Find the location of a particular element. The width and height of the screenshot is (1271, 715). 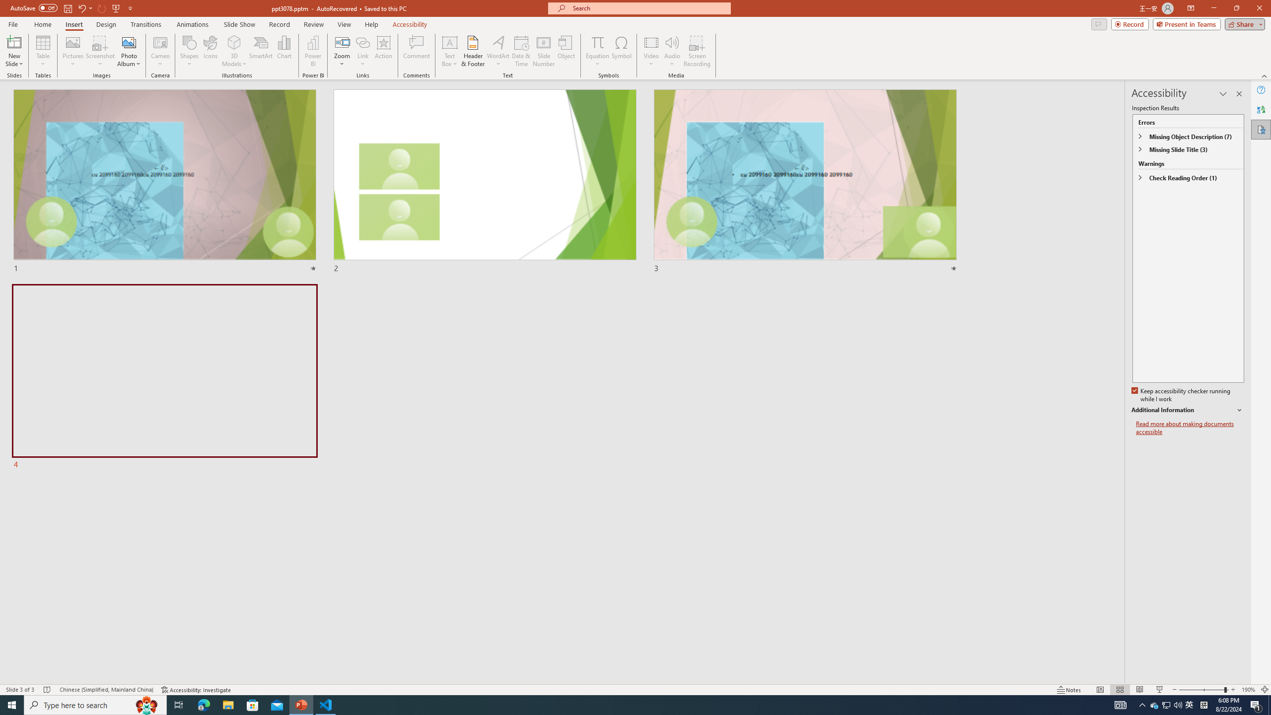

'Video' is located at coordinates (651, 51).